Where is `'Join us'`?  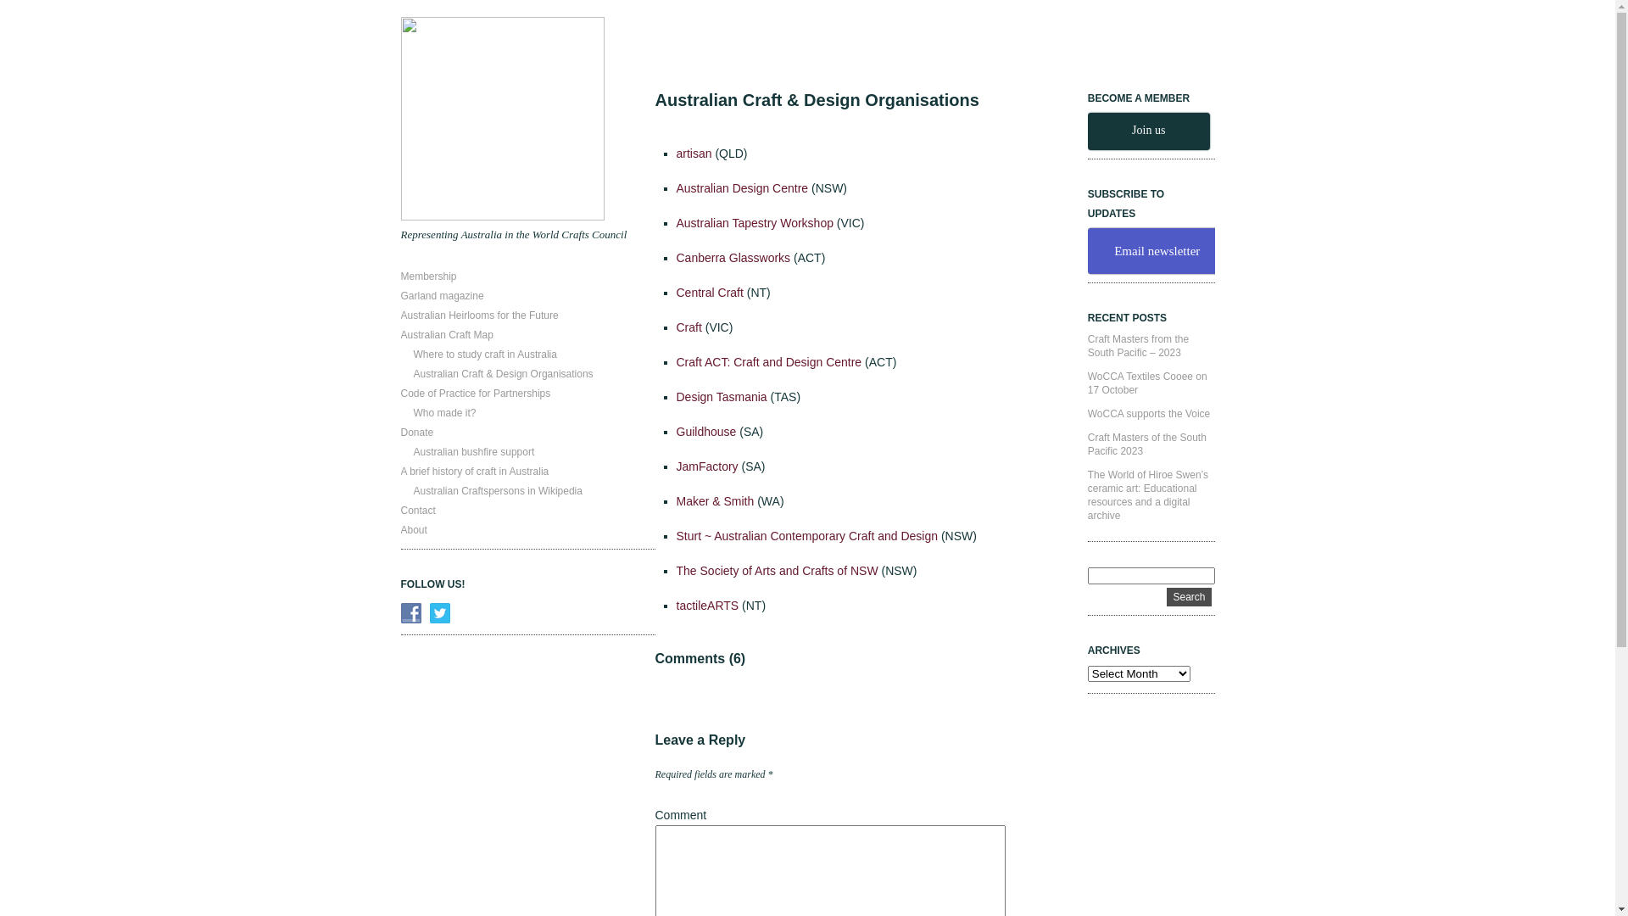 'Join us' is located at coordinates (1148, 130).